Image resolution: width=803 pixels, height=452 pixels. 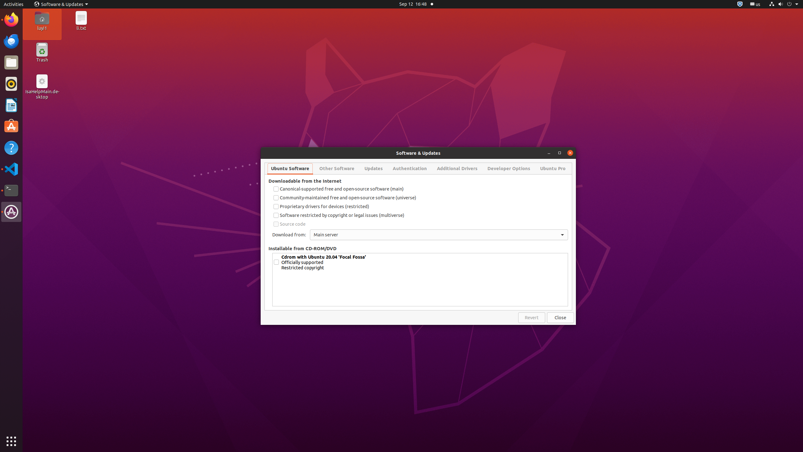 I want to click on 'Software & Updates', so click(x=61, y=4).